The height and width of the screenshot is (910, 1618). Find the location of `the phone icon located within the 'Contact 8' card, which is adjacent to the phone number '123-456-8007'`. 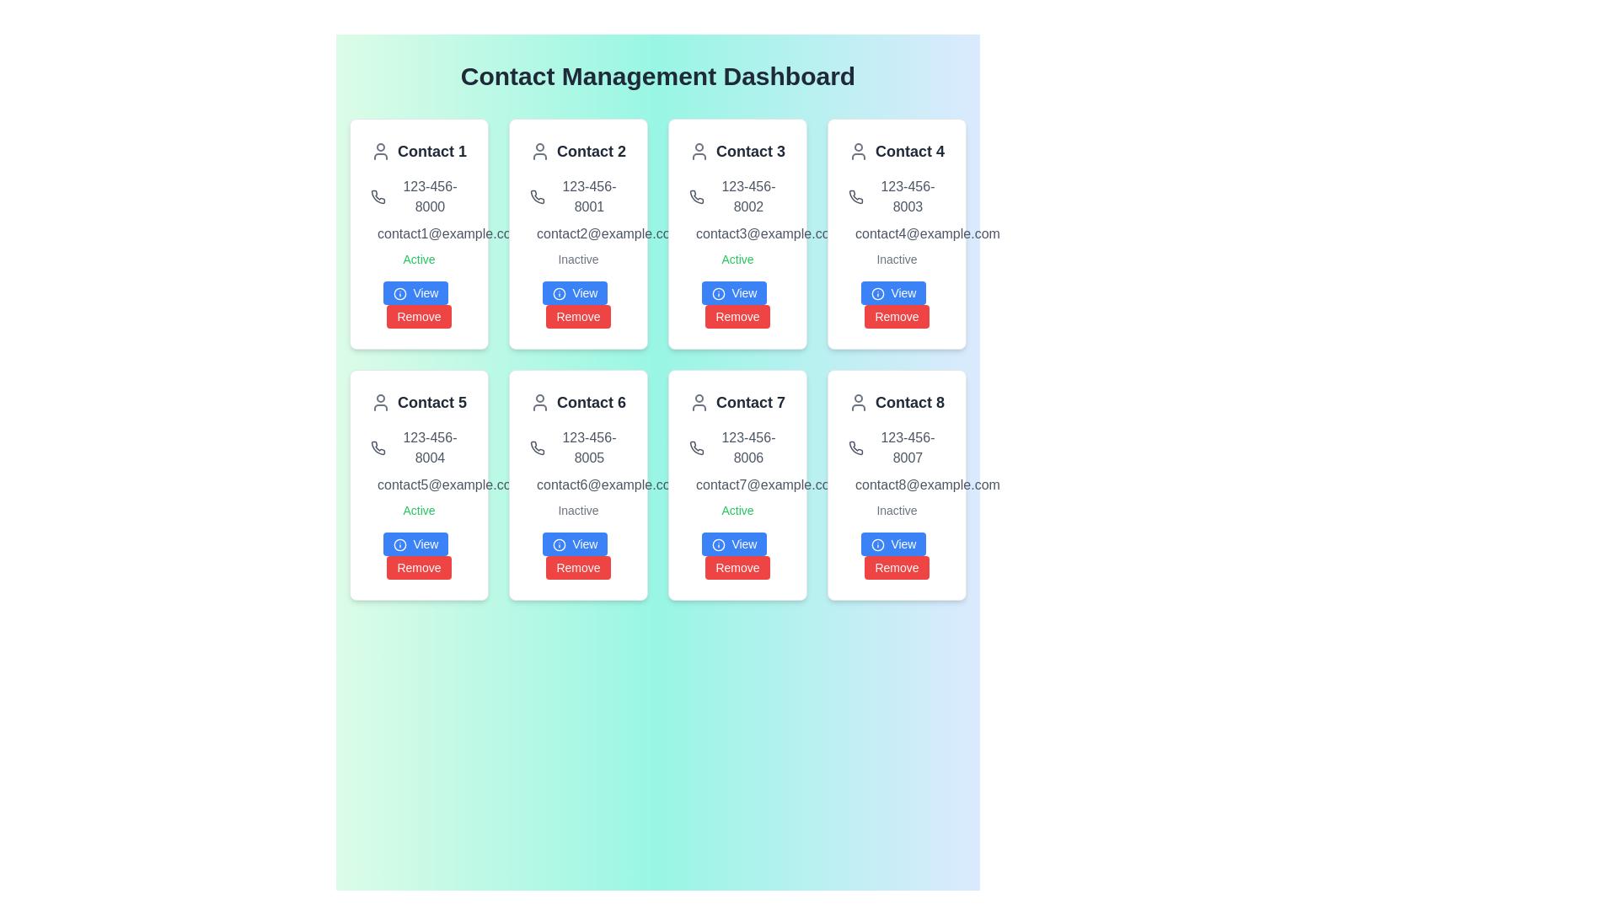

the phone icon located within the 'Contact 8' card, which is adjacent to the phone number '123-456-8007' is located at coordinates (855, 447).